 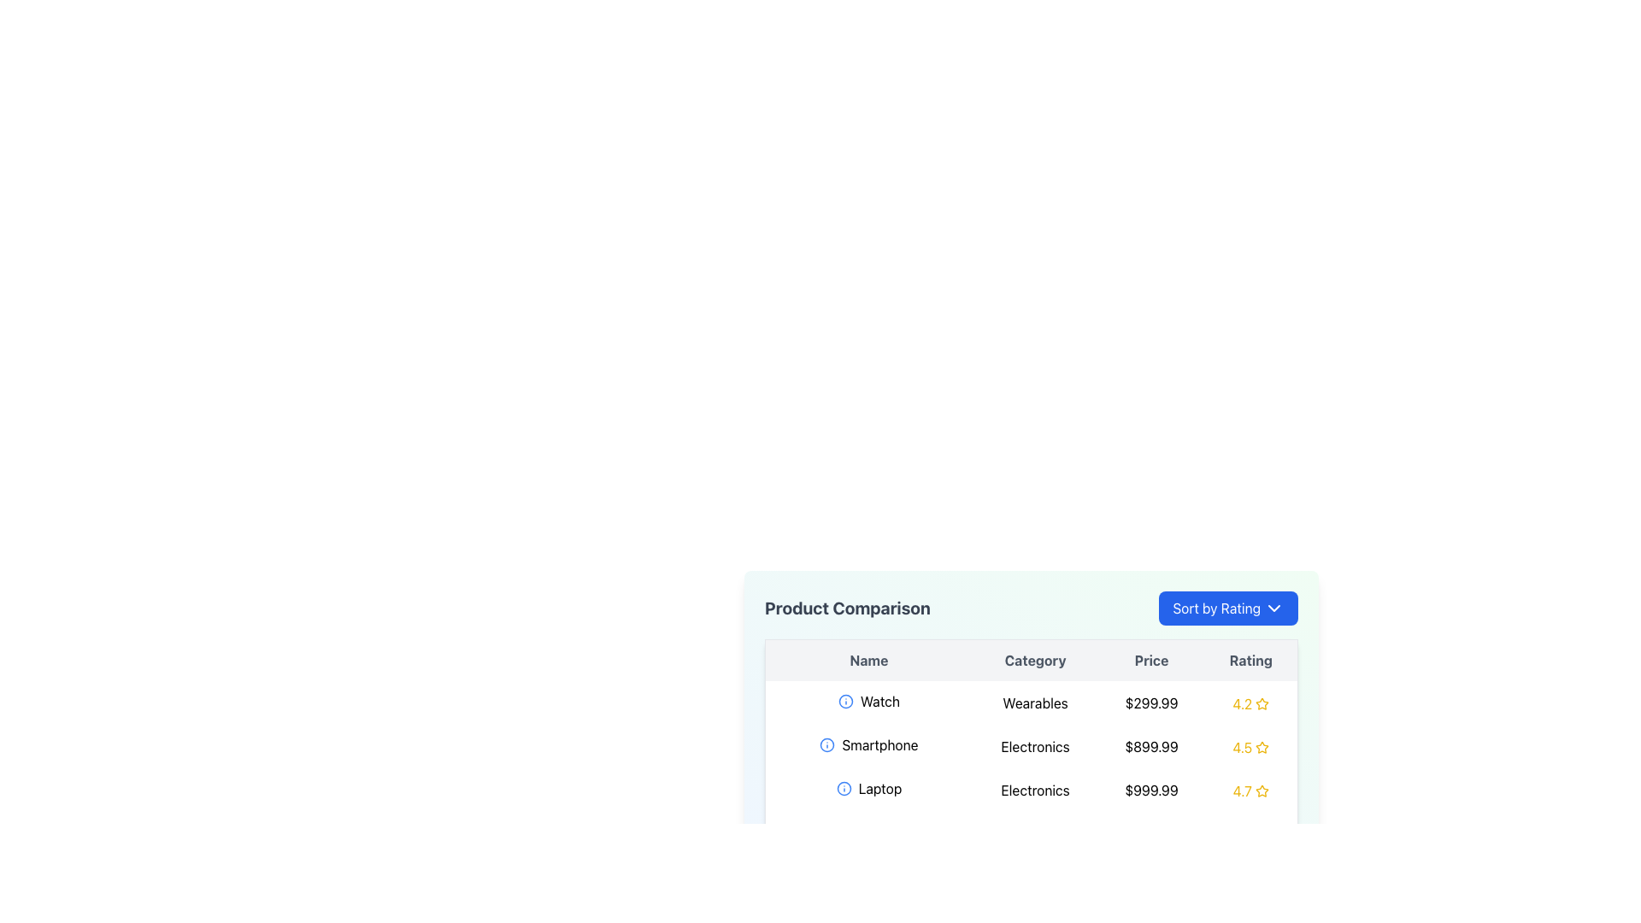 What do you see at coordinates (1030, 747) in the screenshot?
I see `details of the product information displayed in the table by interacting with the rows` at bounding box center [1030, 747].